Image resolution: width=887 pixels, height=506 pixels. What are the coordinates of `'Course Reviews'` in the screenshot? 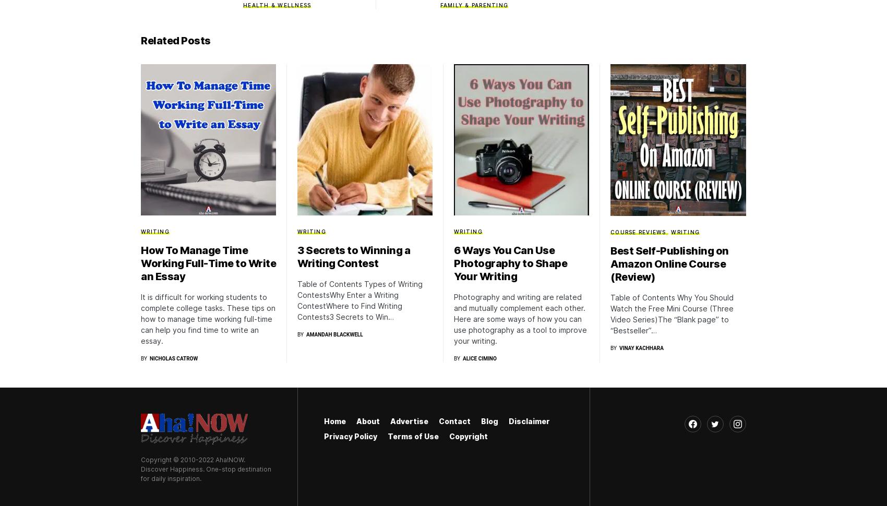 It's located at (637, 231).